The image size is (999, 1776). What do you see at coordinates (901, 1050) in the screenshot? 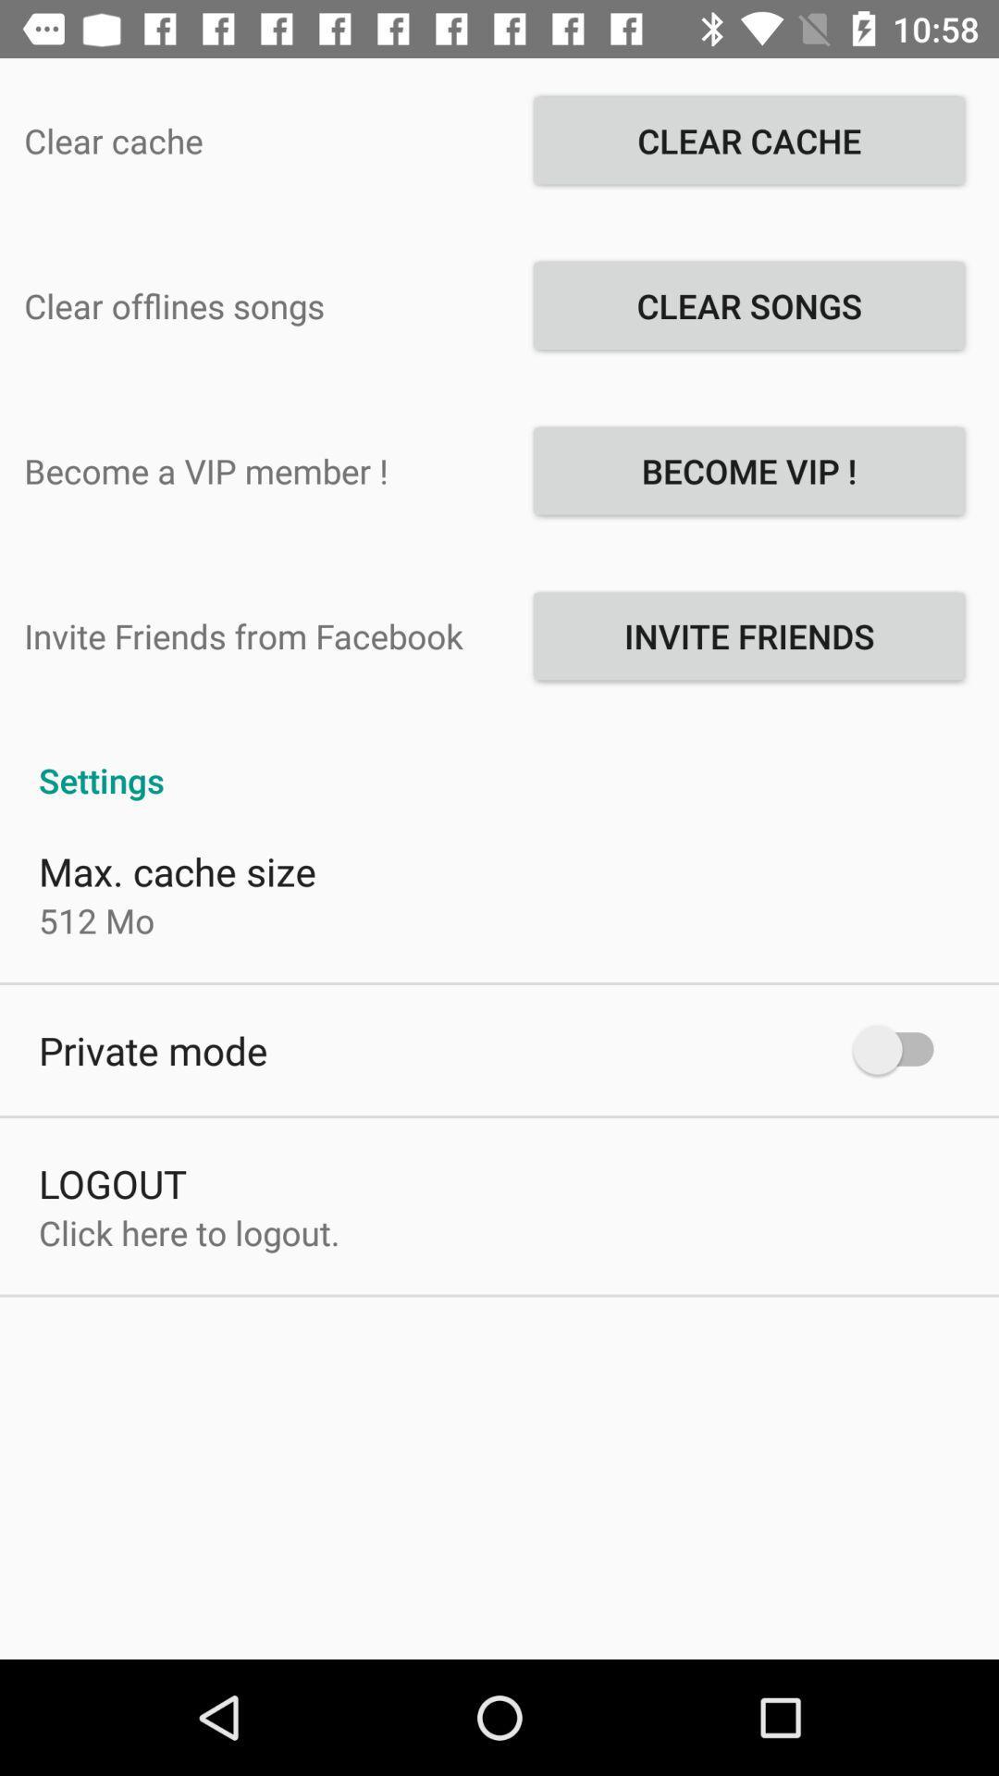
I see `icon below settings item` at bounding box center [901, 1050].